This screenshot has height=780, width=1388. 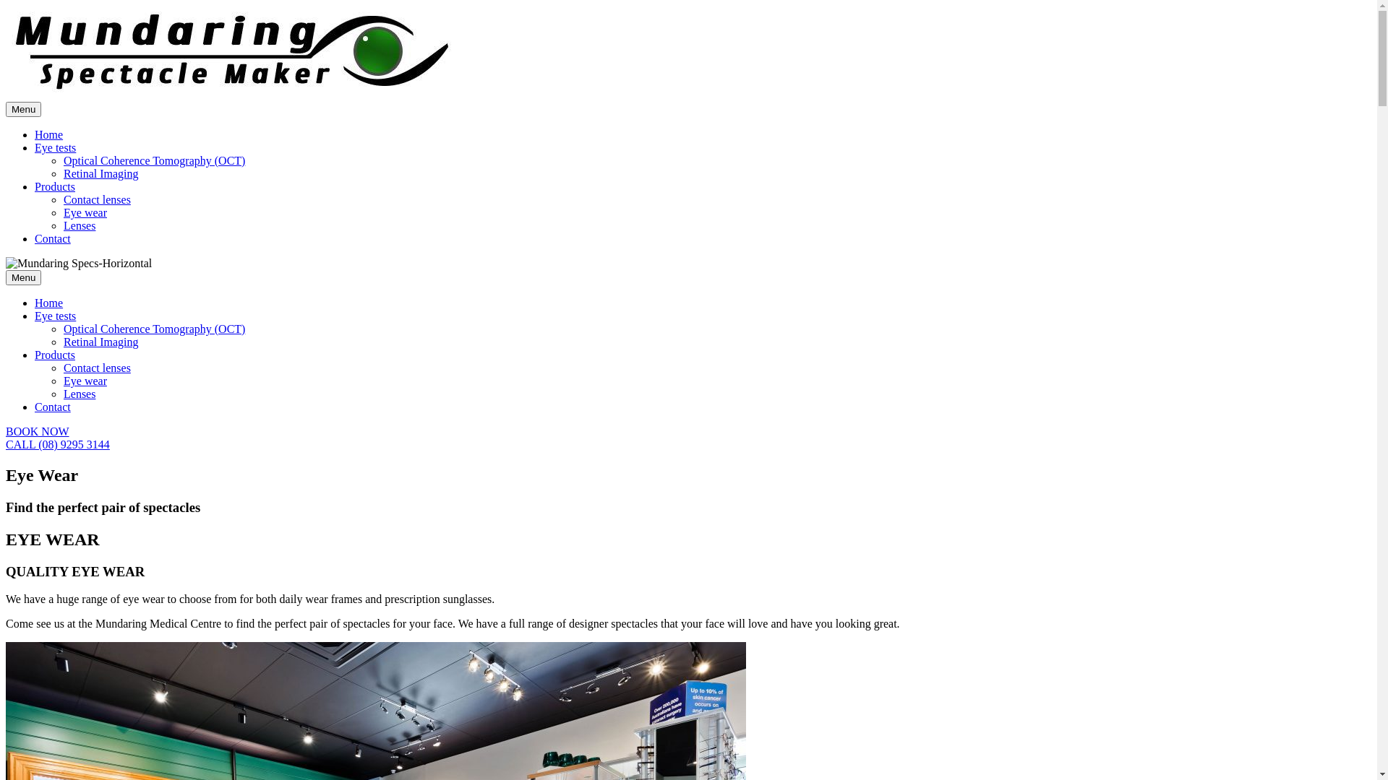 I want to click on 'Lenses', so click(x=79, y=225).